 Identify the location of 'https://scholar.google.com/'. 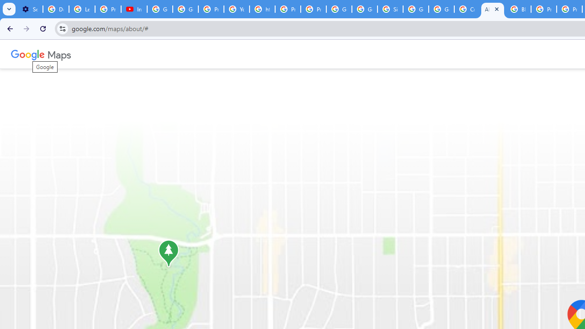
(262, 9).